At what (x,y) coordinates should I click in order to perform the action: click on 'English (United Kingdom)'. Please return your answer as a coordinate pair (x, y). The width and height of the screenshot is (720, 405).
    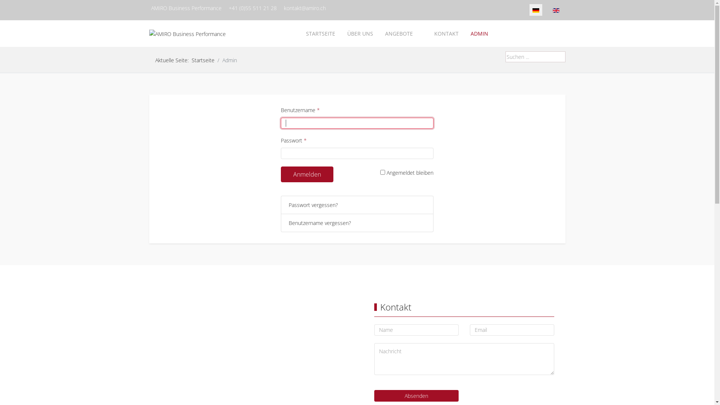
    Looking at the image, I should click on (556, 10).